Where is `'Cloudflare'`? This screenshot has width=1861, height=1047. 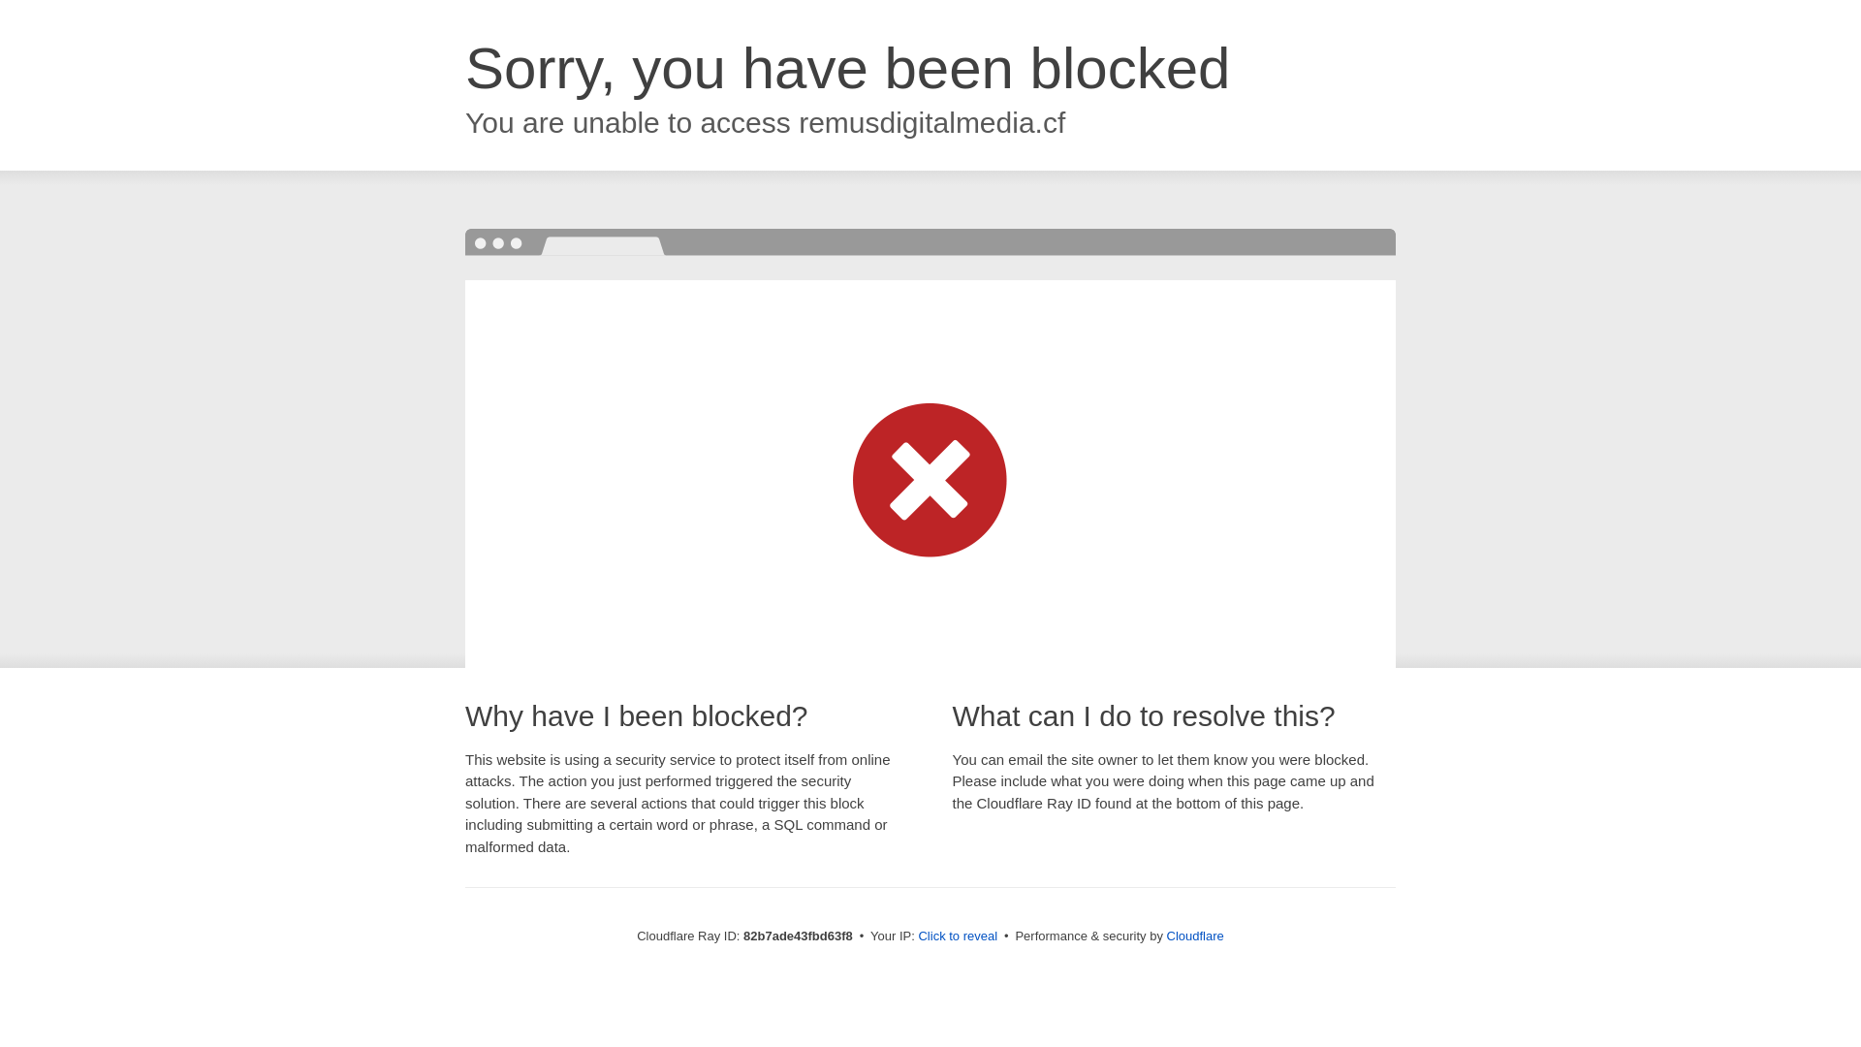
'Cloudflare' is located at coordinates (1194, 935).